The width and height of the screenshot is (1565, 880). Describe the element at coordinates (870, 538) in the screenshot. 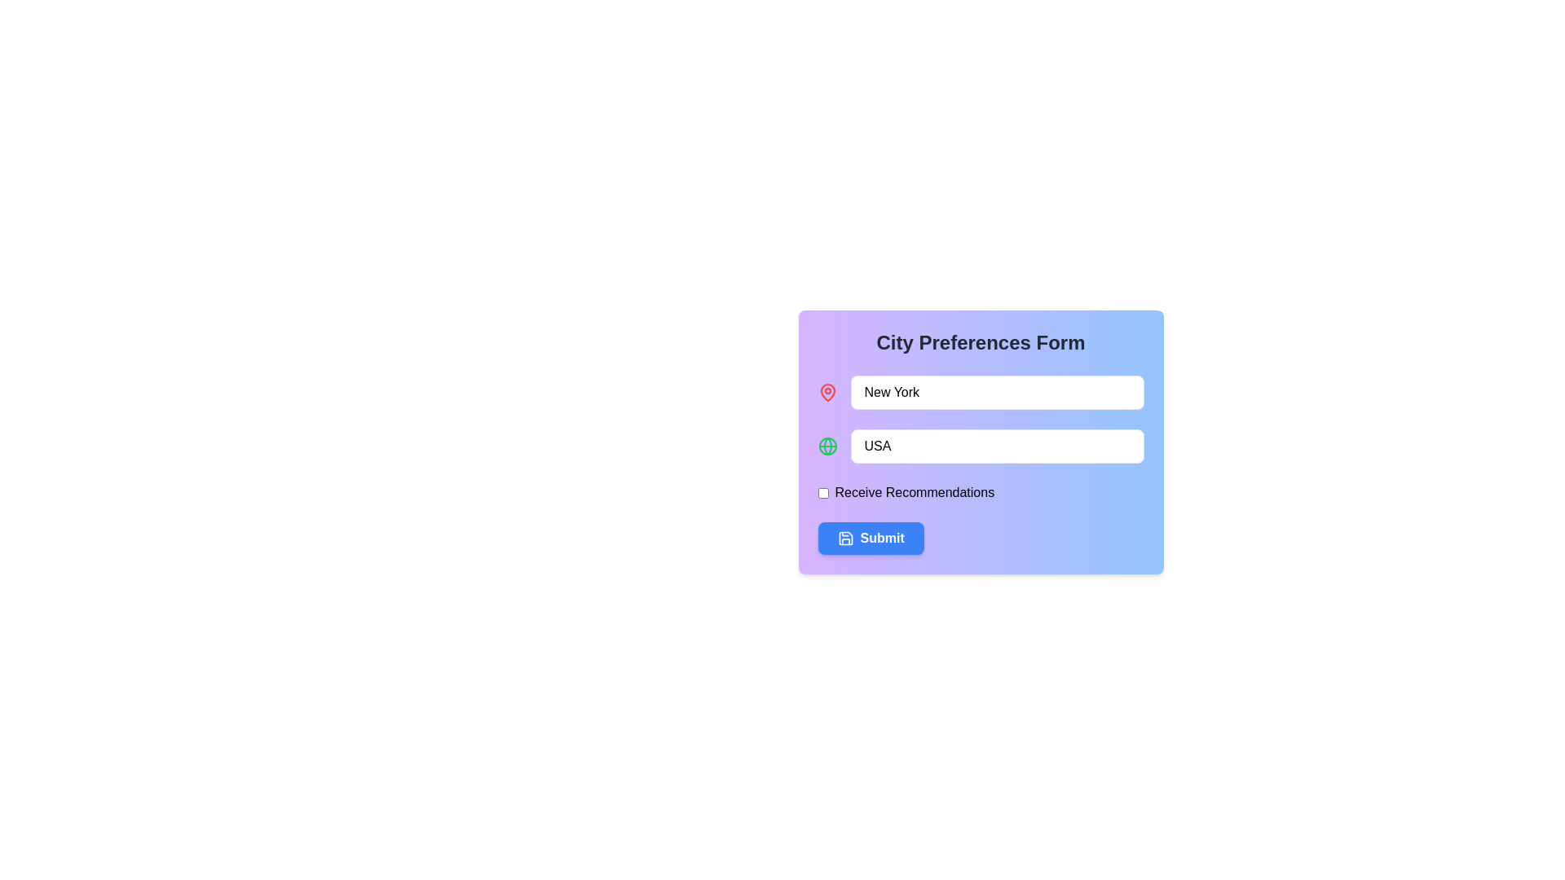

I see `the 'Submit' button, which is a rectangular button with rounded corners, a blue background, and bold white text` at that location.